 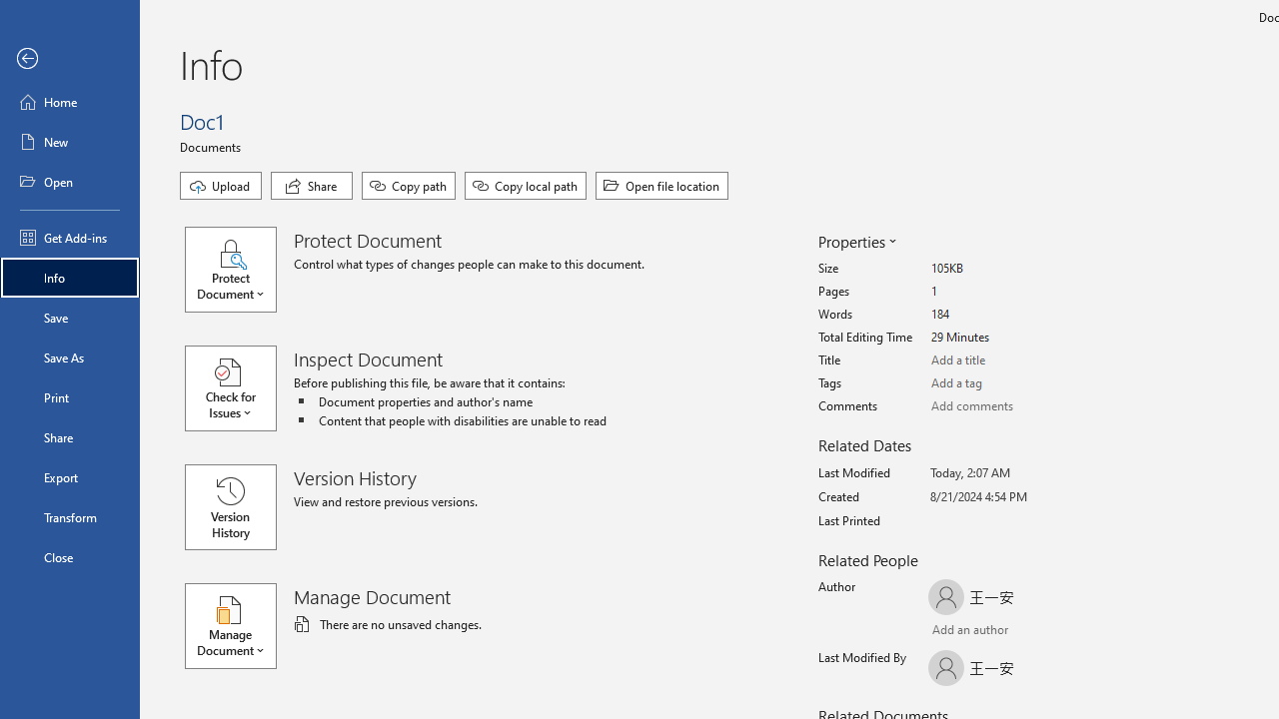 What do you see at coordinates (221, 186) in the screenshot?
I see `'Upload'` at bounding box center [221, 186].